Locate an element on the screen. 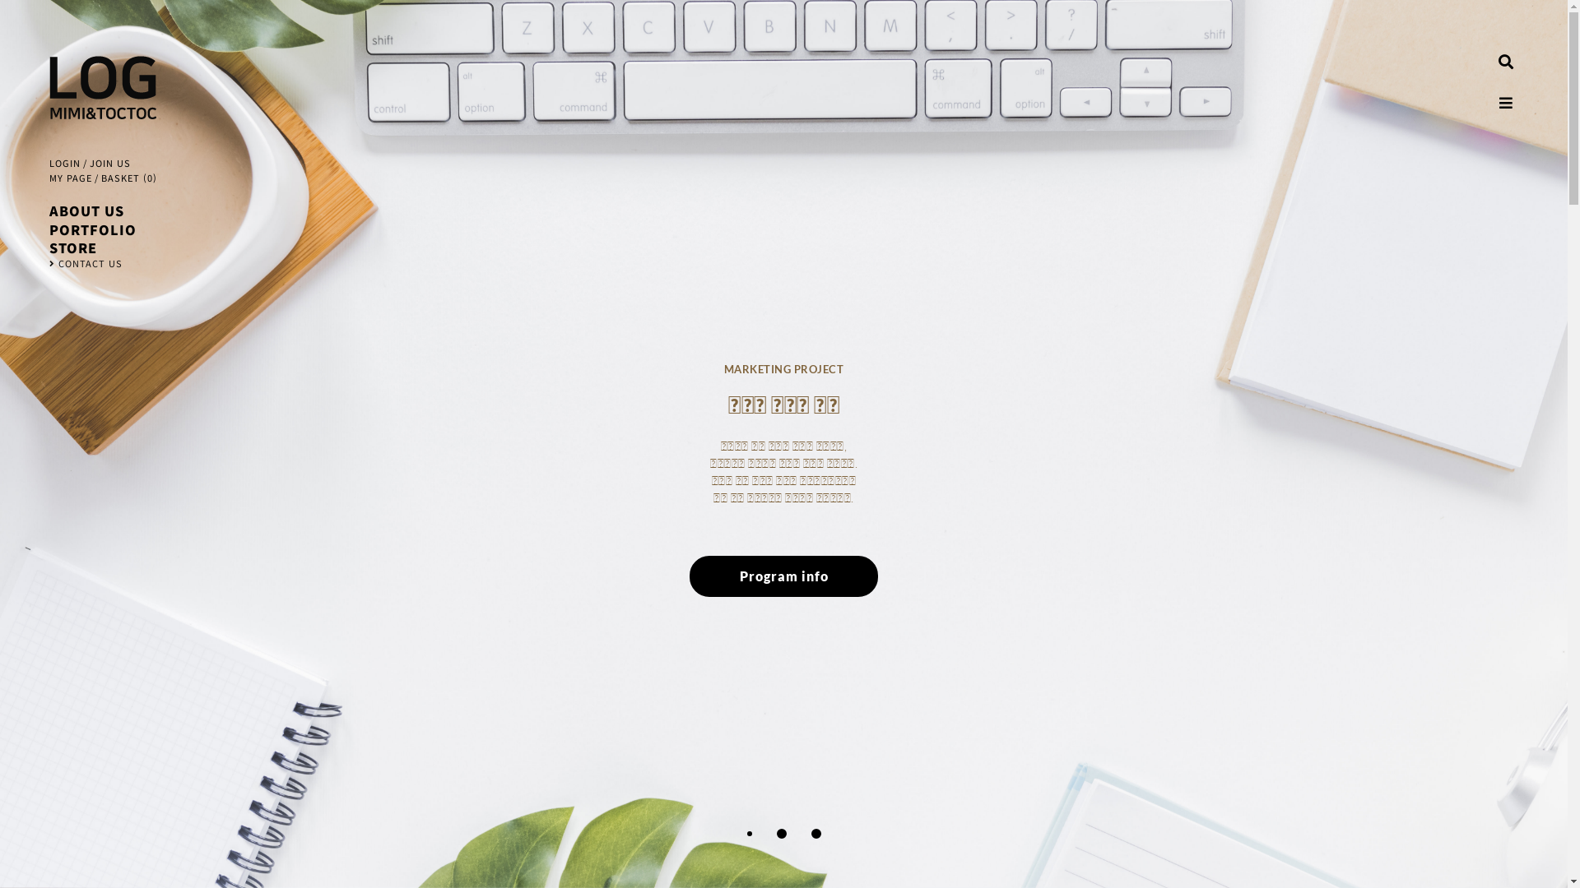 The width and height of the screenshot is (1580, 888). 'Program info' is located at coordinates (783, 576).